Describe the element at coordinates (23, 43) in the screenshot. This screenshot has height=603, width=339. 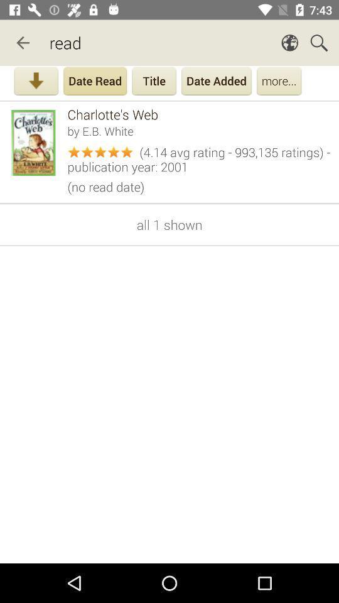
I see `item next to read app` at that location.